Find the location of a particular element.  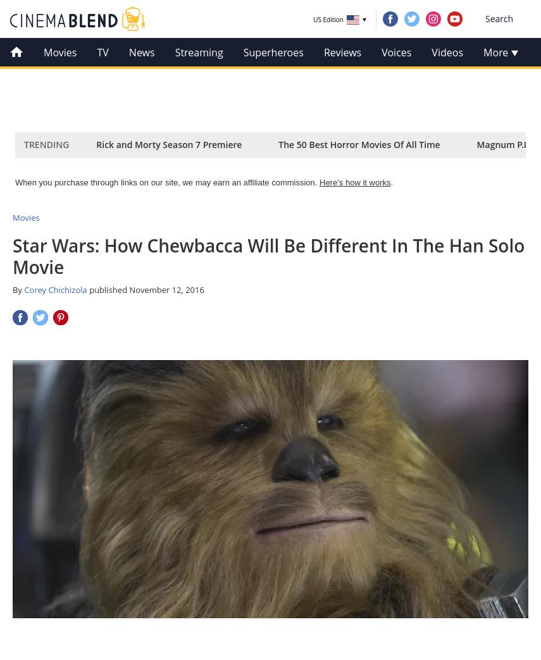

'When you purchase through links on our site, we may earn an affiliate commission.' is located at coordinates (167, 182).